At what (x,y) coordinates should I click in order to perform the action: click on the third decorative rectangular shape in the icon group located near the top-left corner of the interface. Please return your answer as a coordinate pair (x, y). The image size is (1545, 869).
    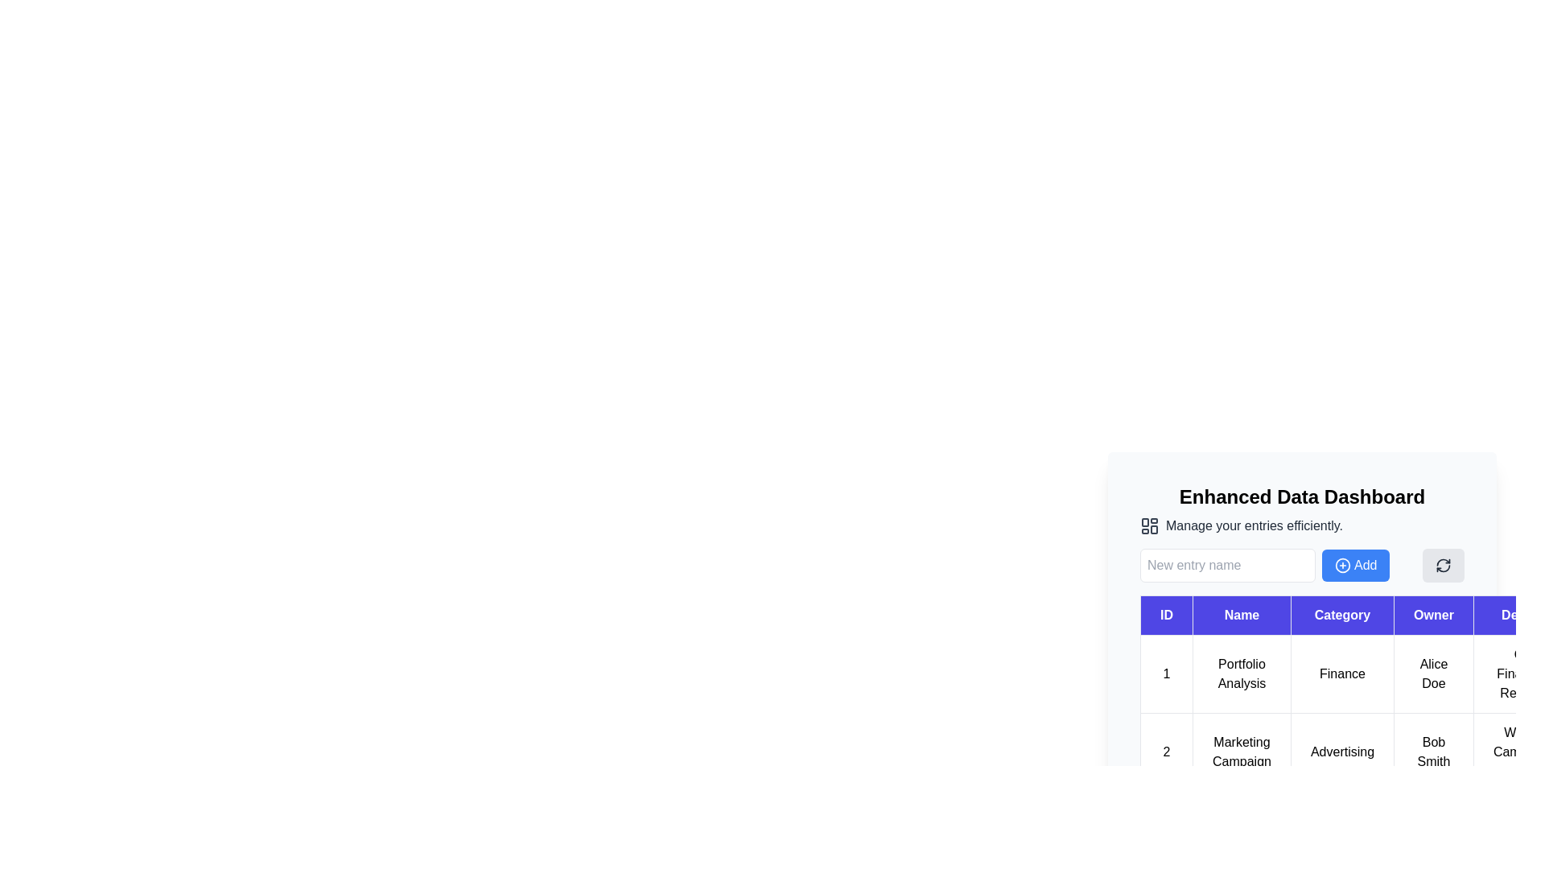
    Looking at the image, I should click on (1153, 529).